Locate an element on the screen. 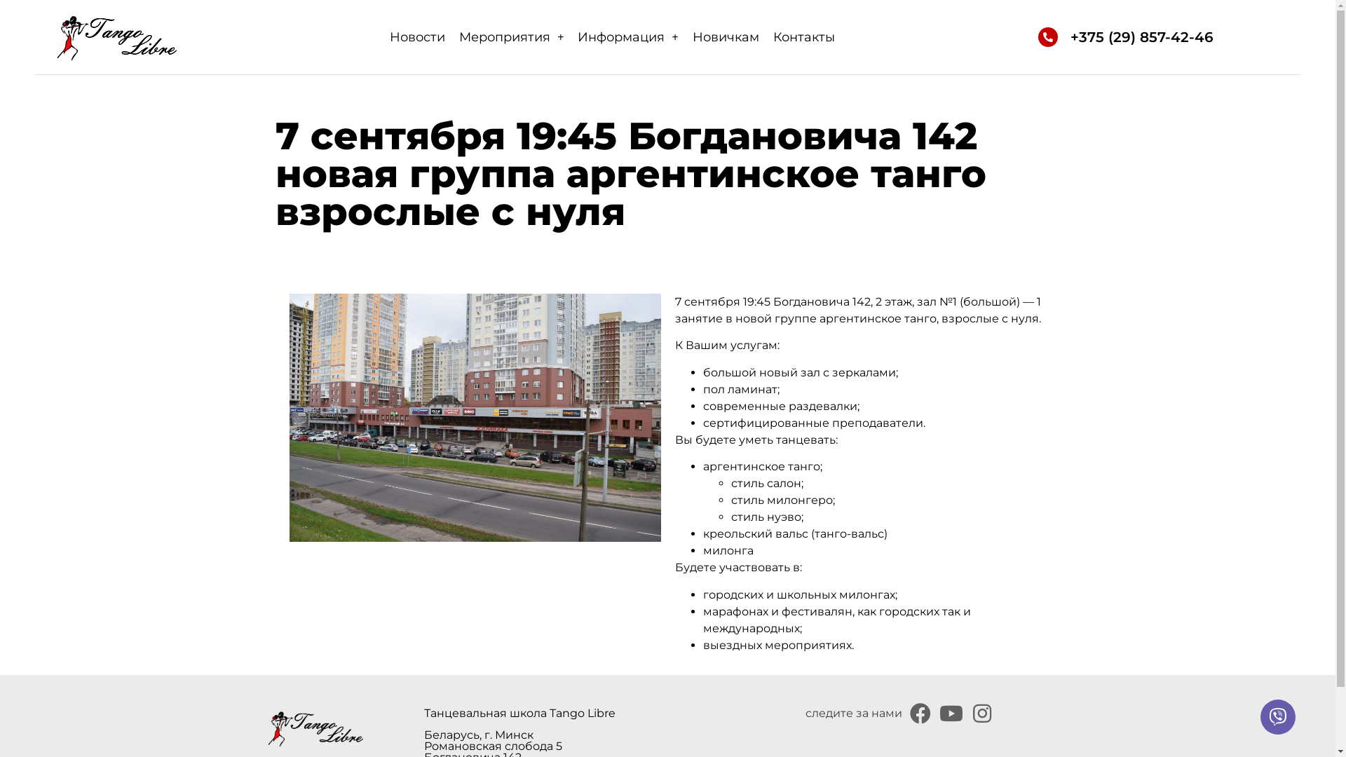 The width and height of the screenshot is (1346, 757). '+375 (29) 857-42-46' is located at coordinates (1141, 36).